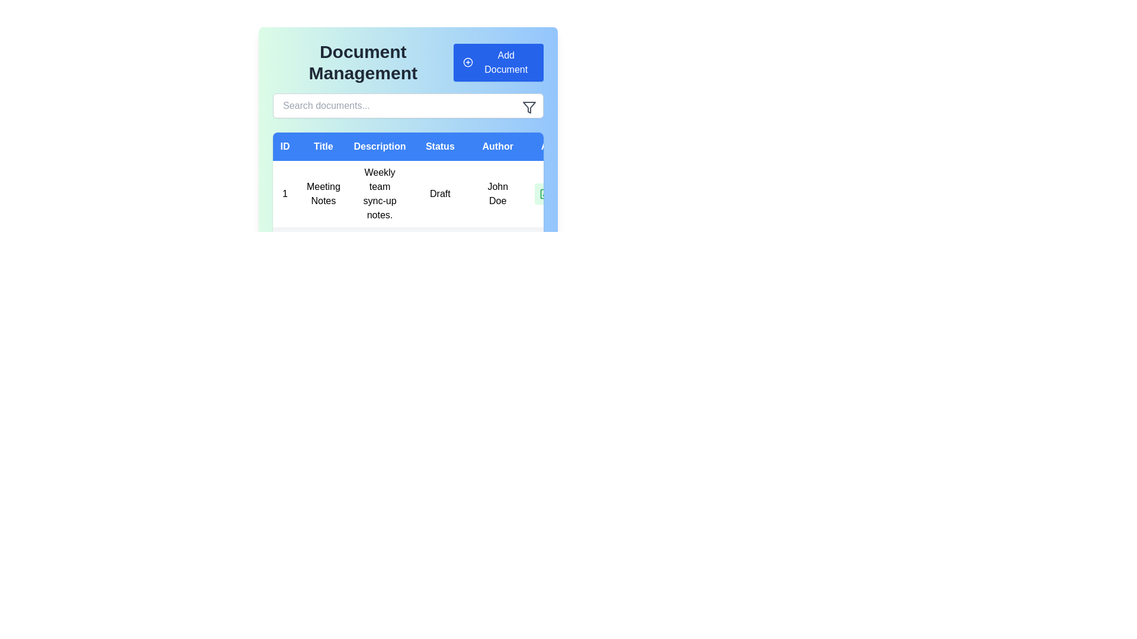  What do you see at coordinates (571, 193) in the screenshot?
I see `the small, square-shaped red button with a trash can icon` at bounding box center [571, 193].